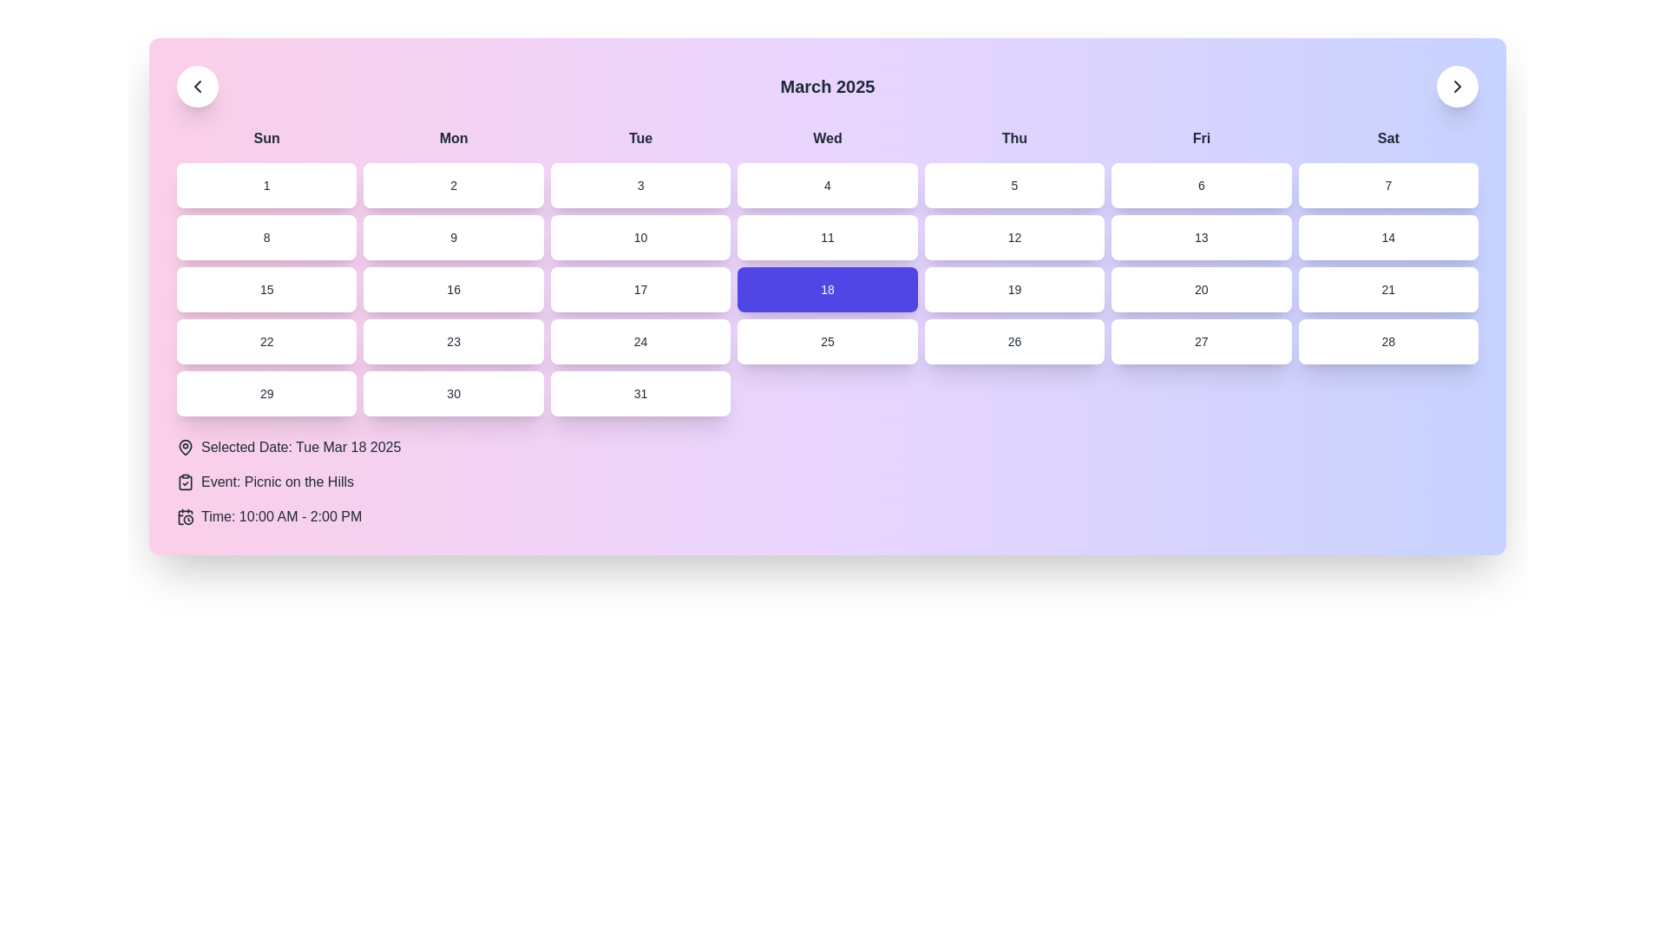 This screenshot has width=1666, height=937. I want to click on the clipboard icon with a checkmark located beside the text 'Event: Picnic on the Hills' in the details section below the calendar grid, so click(186, 482).